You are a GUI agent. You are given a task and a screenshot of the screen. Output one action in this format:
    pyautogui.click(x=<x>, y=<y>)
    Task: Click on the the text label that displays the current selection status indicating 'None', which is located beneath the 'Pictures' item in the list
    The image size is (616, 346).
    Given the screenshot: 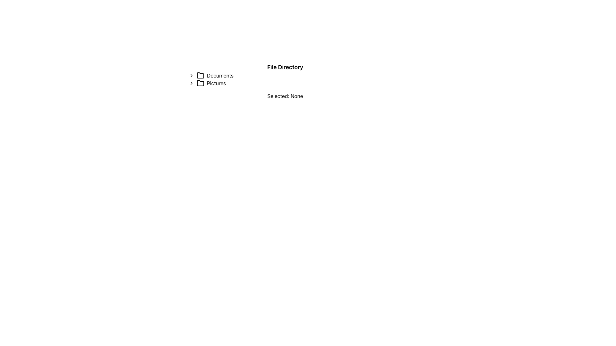 What is the action you would take?
    pyautogui.click(x=285, y=96)
    